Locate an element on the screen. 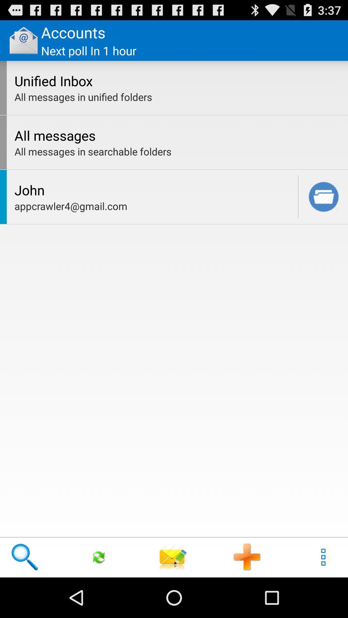  icon below appcrawler4@gmail.com icon is located at coordinates (99, 557).